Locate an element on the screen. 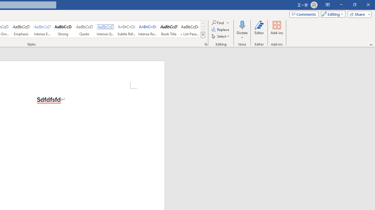 This screenshot has width=375, height=210. 'Row Down' is located at coordinates (203, 29).